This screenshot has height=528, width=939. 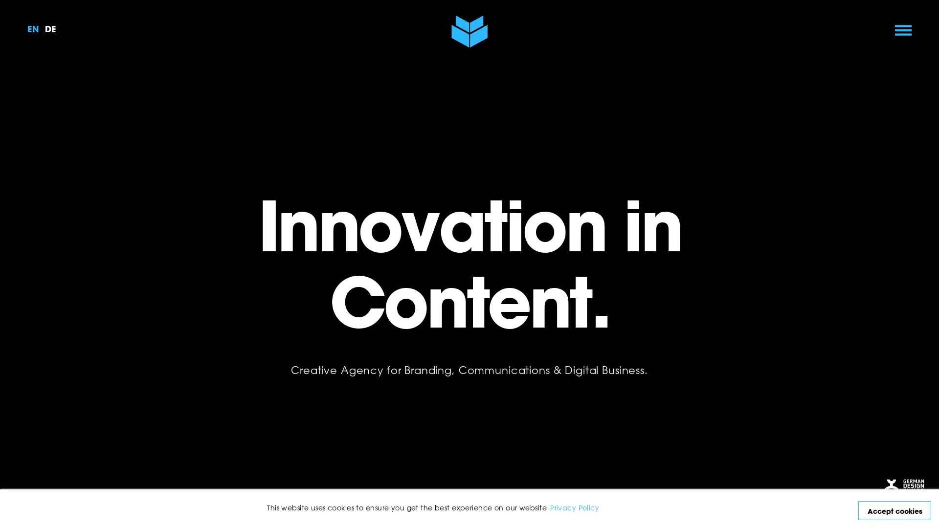 I want to click on Accept cookies, so click(x=894, y=510).